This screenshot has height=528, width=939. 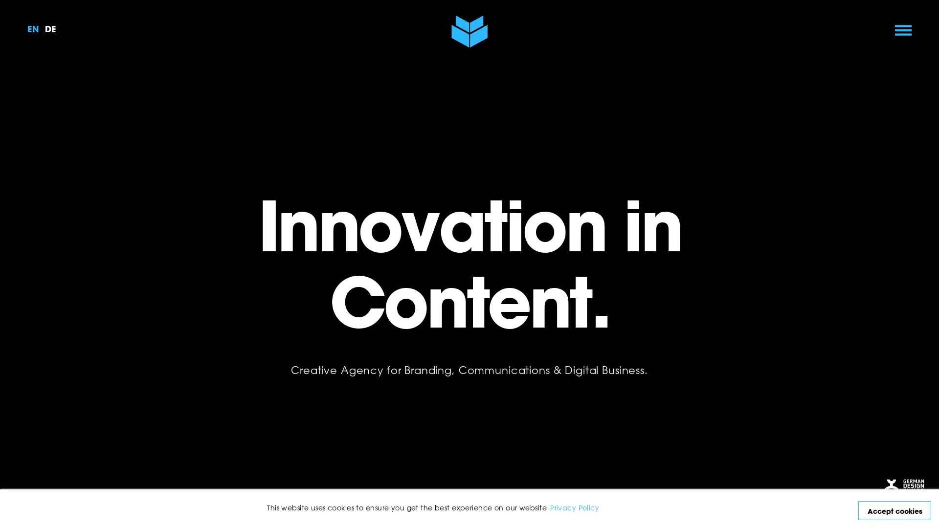 I want to click on Accept cookies, so click(x=894, y=510).